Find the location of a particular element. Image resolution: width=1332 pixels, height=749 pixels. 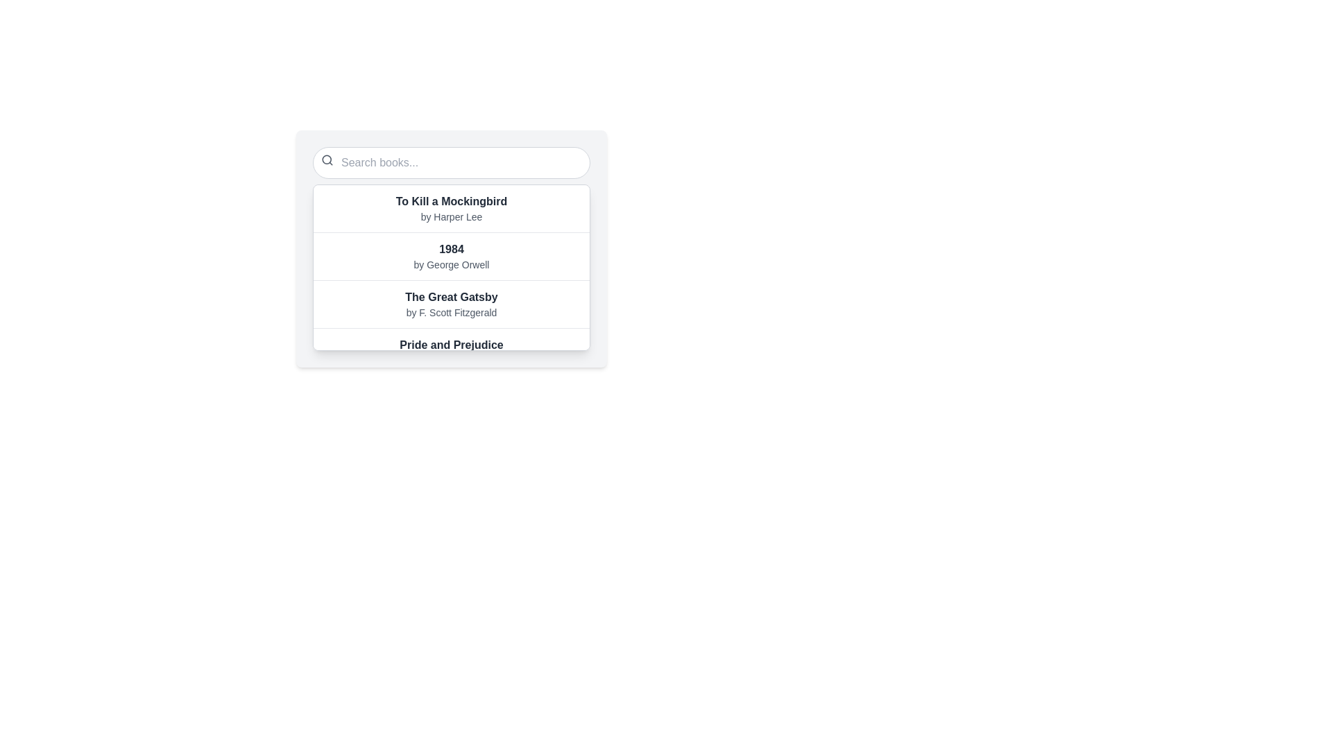

the third item in the selection list for 'The Great Gatsby' is located at coordinates (452, 303).